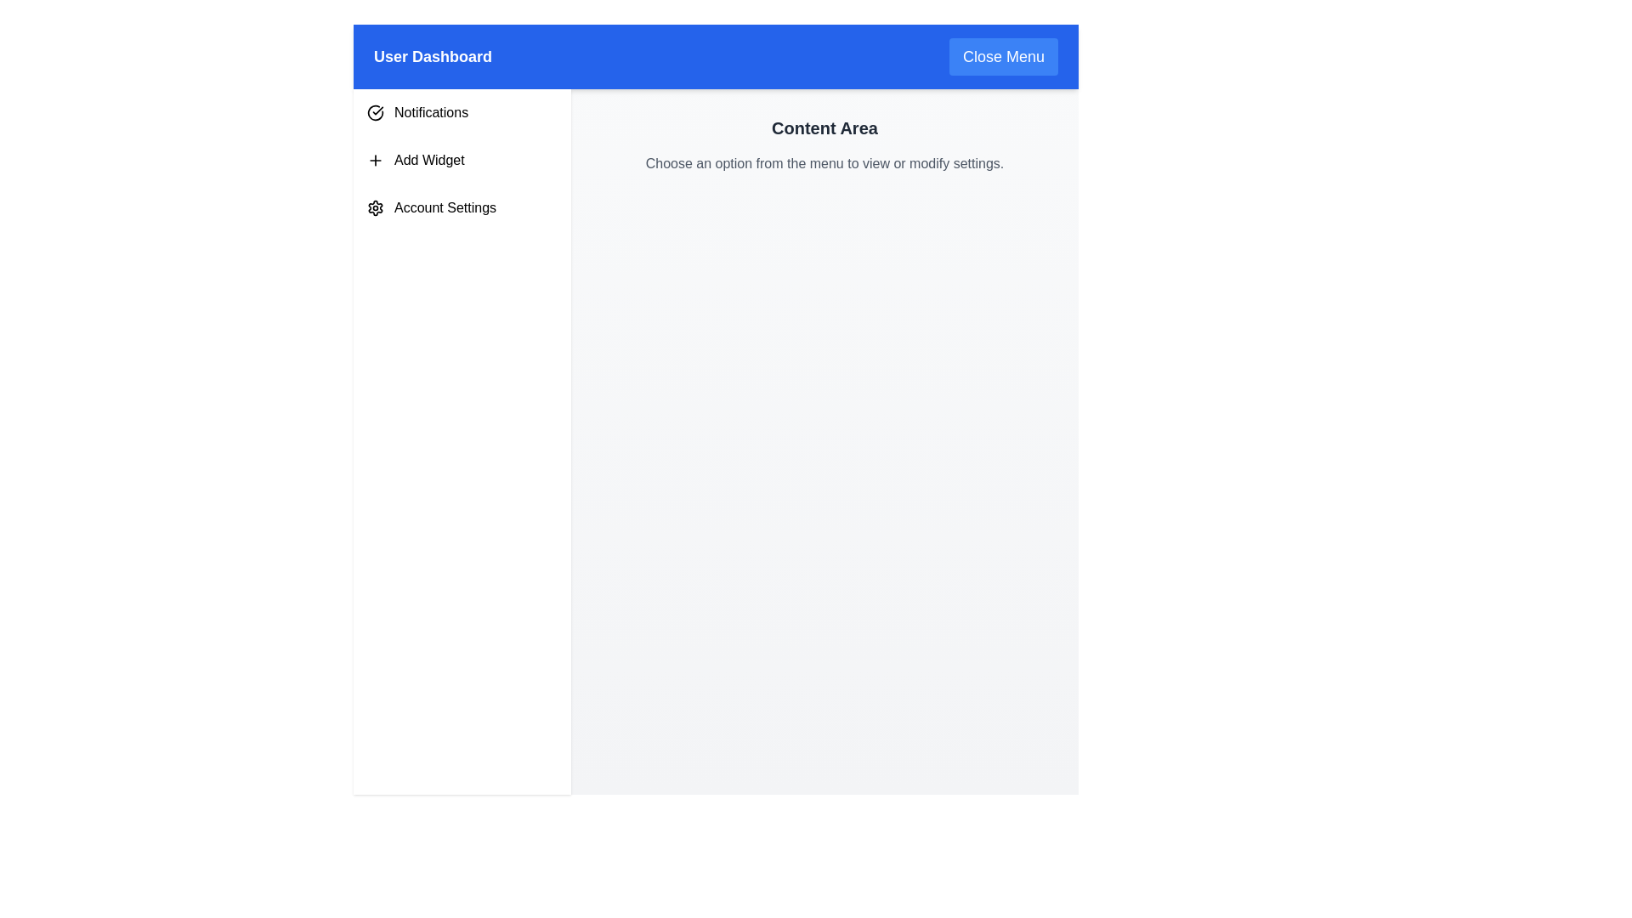  What do you see at coordinates (462, 161) in the screenshot?
I see `the 'Add New Widget' button located in the vertical menu on the left side of the interface, positioned below 'Notifications' and above 'Account Settings' to trigger its visual feedback` at bounding box center [462, 161].